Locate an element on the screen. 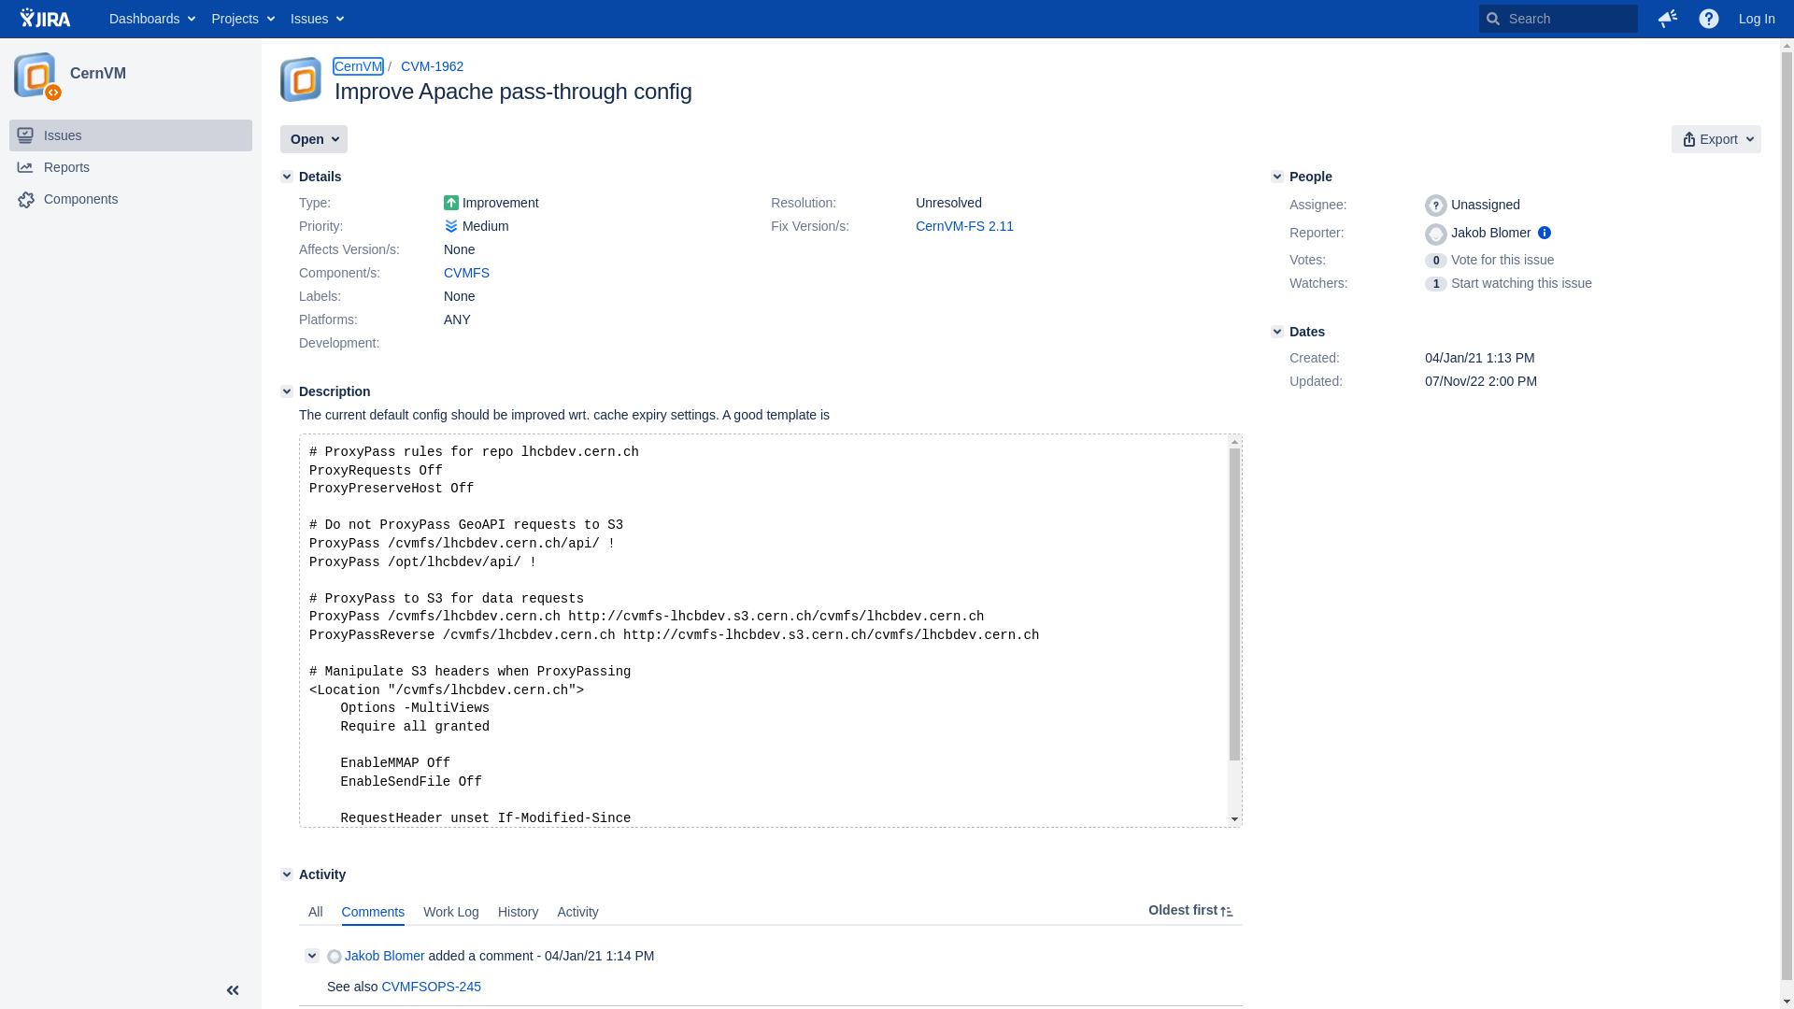 This screenshot has height=1009, width=1794. 'History' is located at coordinates (519, 910).